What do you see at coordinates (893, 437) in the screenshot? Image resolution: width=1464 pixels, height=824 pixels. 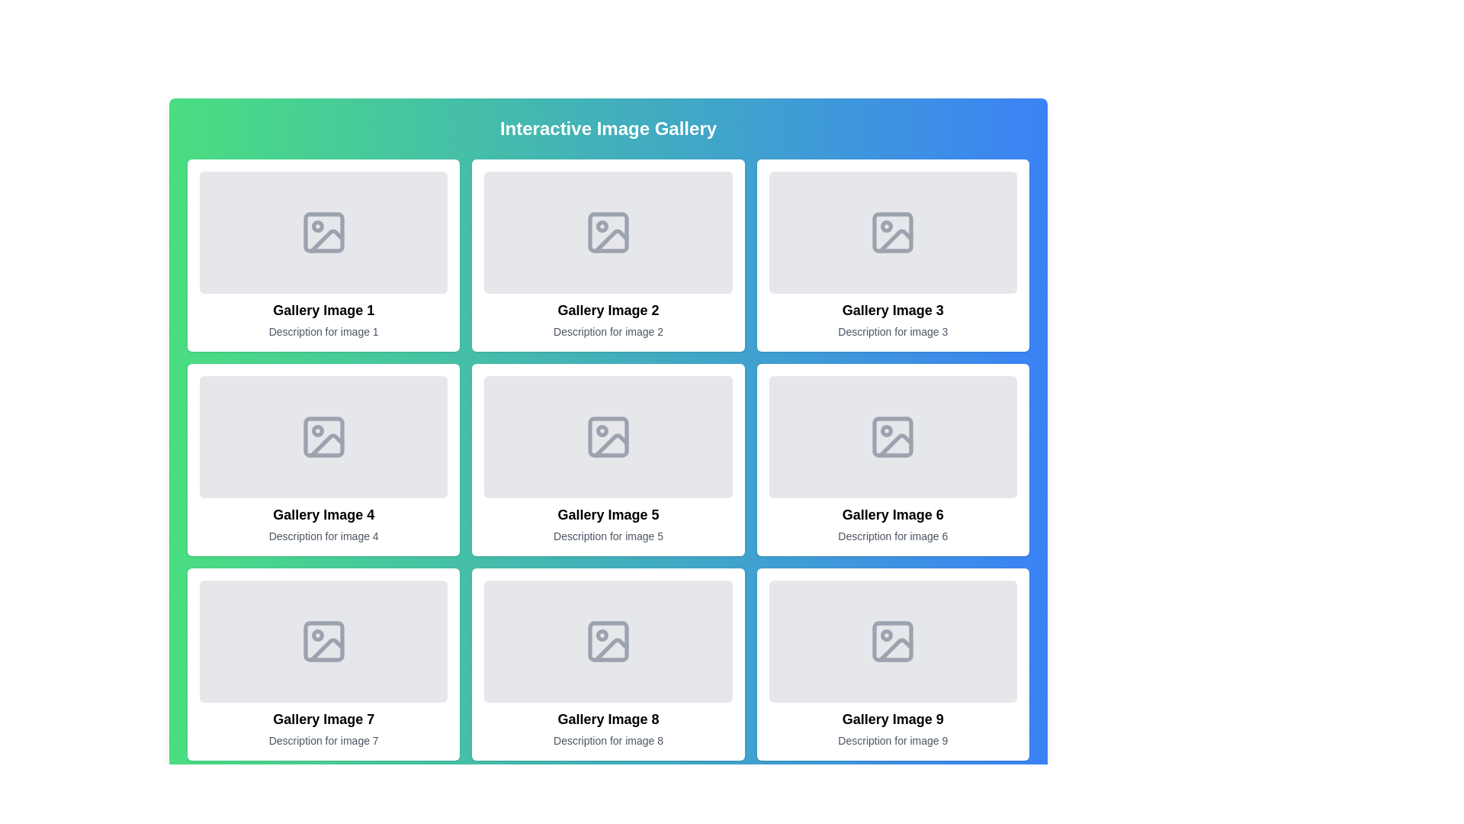 I see `the SVG icon resembling a generic image placeholder located in the sixth box of a three-by-three grid, specifically in the second row and third column` at bounding box center [893, 437].